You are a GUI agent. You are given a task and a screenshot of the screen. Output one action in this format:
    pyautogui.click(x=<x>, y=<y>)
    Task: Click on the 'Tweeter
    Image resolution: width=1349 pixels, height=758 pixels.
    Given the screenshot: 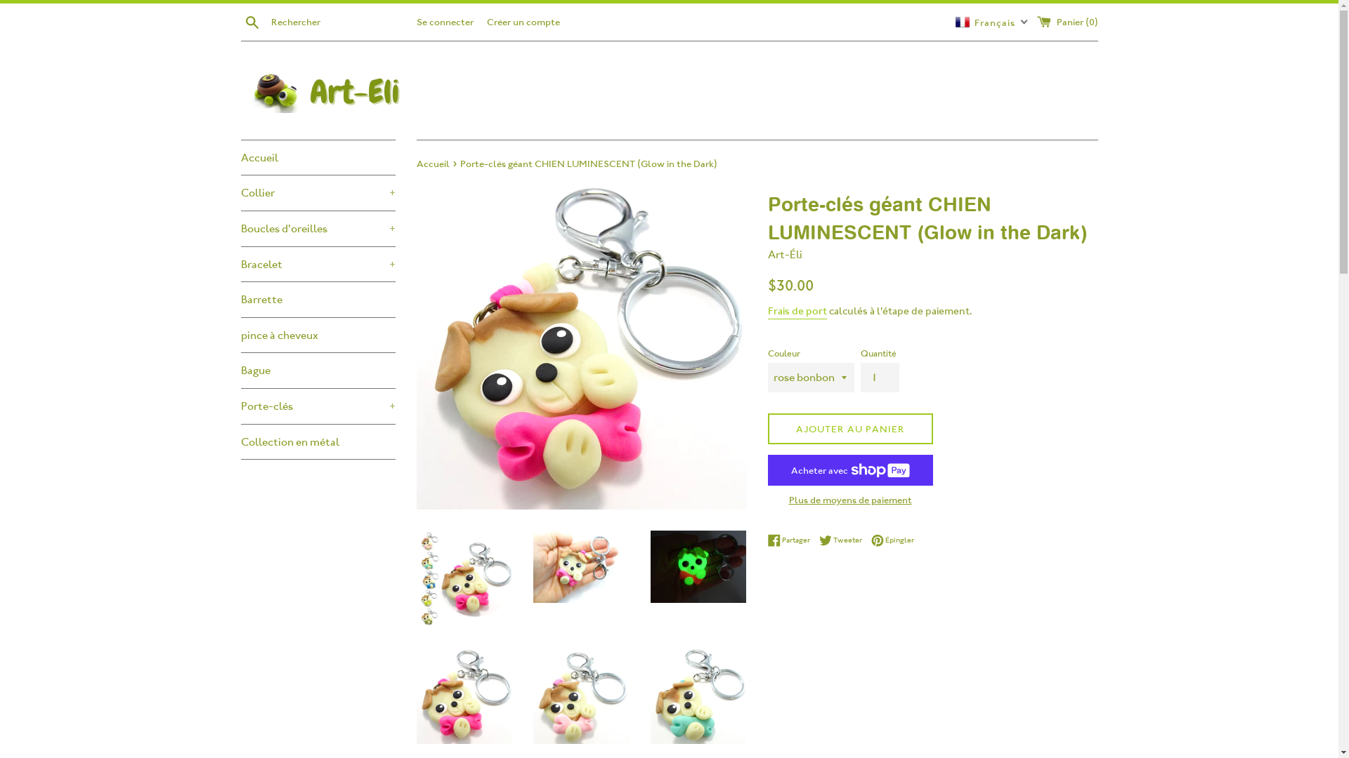 What is the action you would take?
    pyautogui.click(x=843, y=540)
    